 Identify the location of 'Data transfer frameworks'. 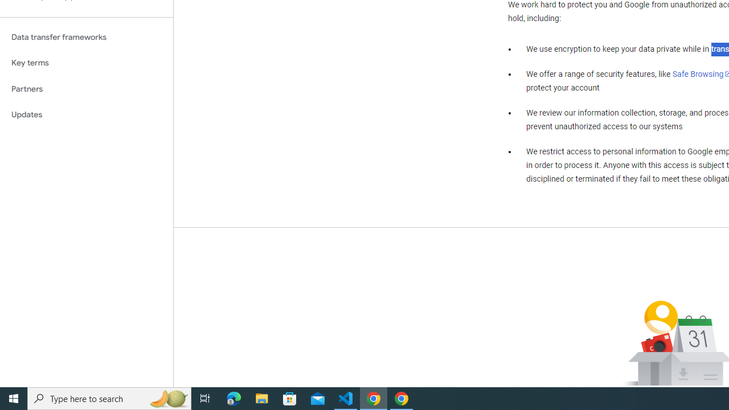
(86, 36).